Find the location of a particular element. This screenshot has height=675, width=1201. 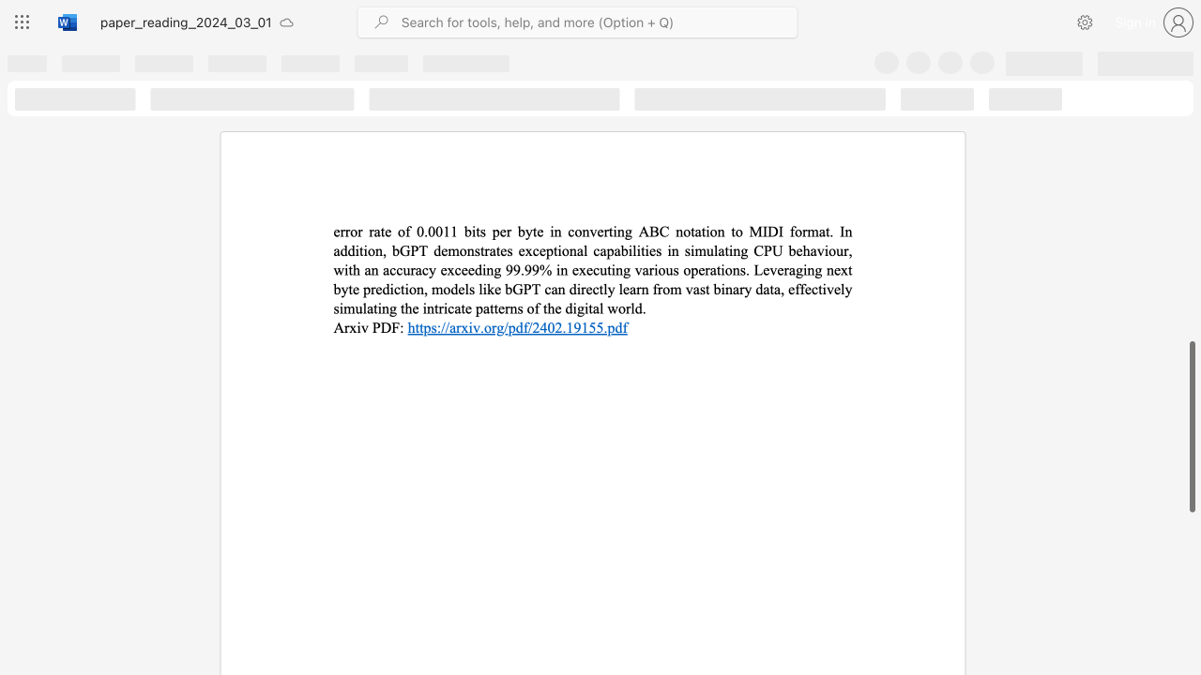

the scrollbar on the right side to scroll the page up is located at coordinates (1191, 139).